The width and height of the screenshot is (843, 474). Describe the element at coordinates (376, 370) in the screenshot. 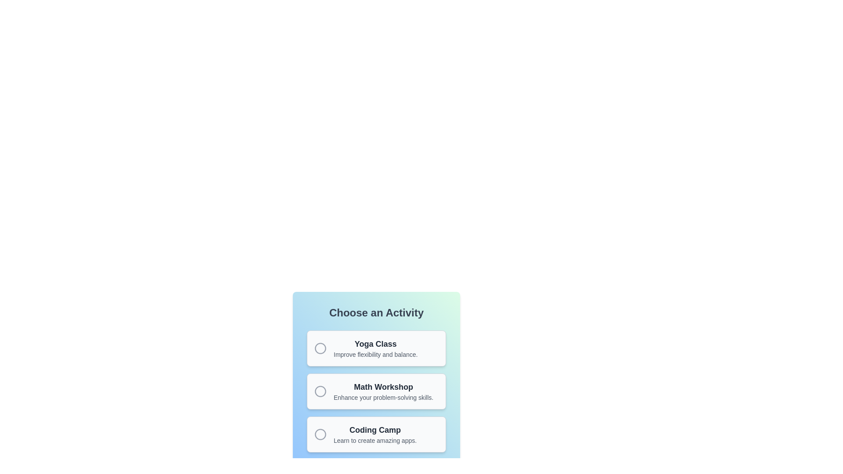

I see `the circular button on the left of the activity card in the 'Choose an Activity' menu` at that location.